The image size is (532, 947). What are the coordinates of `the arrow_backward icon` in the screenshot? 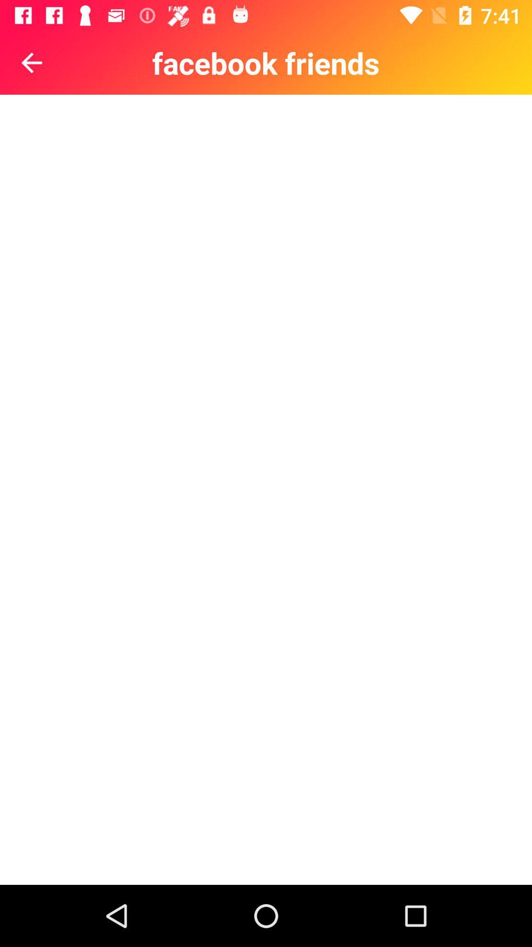 It's located at (31, 62).